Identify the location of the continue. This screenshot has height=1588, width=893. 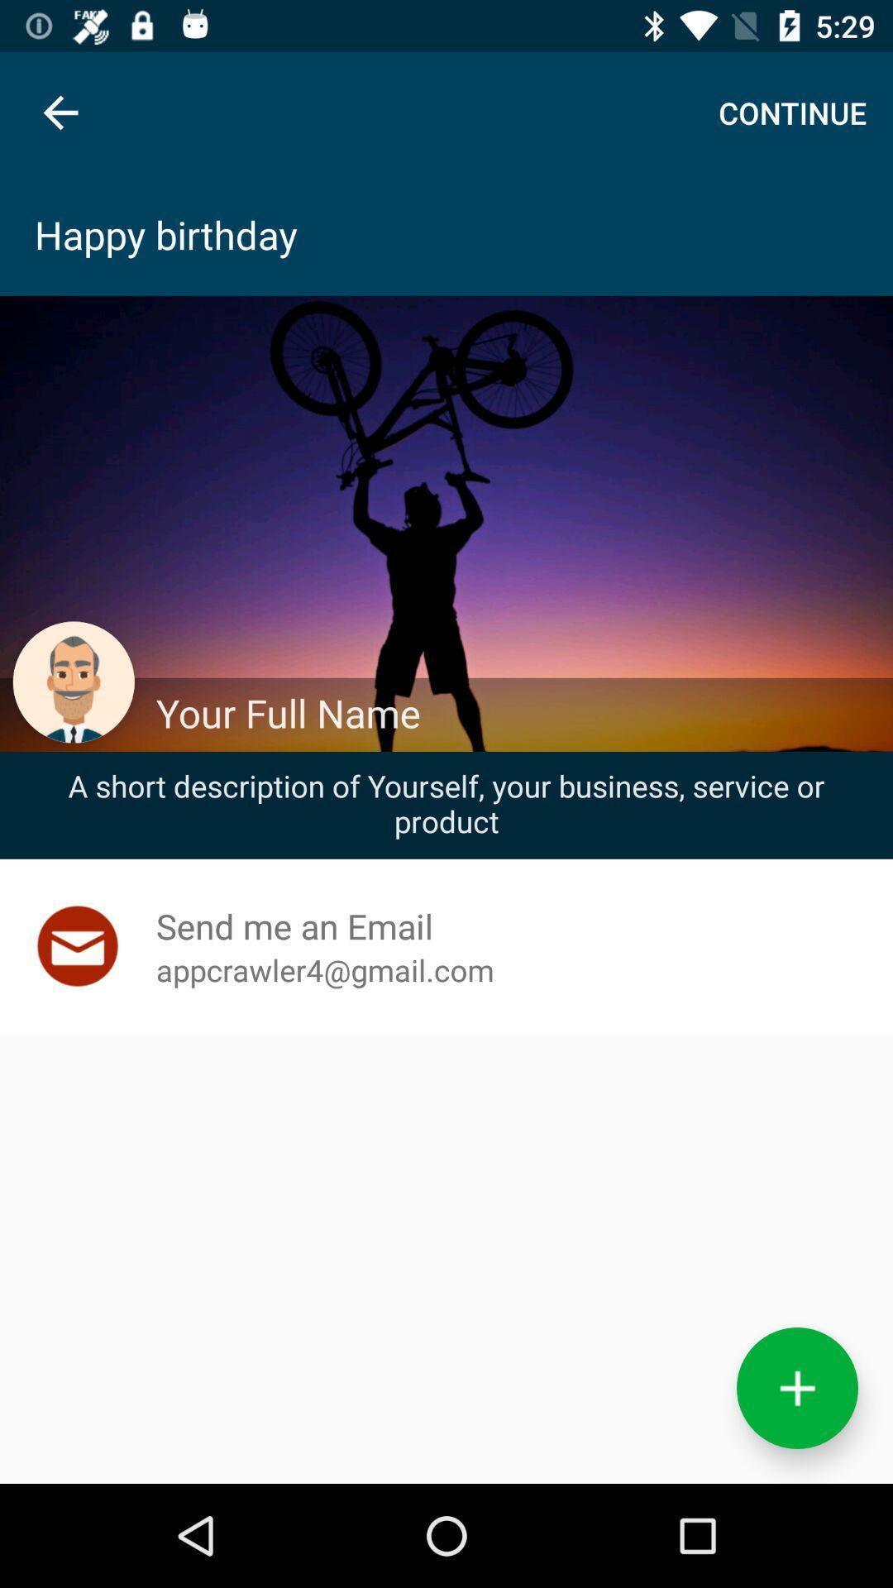
(791, 112).